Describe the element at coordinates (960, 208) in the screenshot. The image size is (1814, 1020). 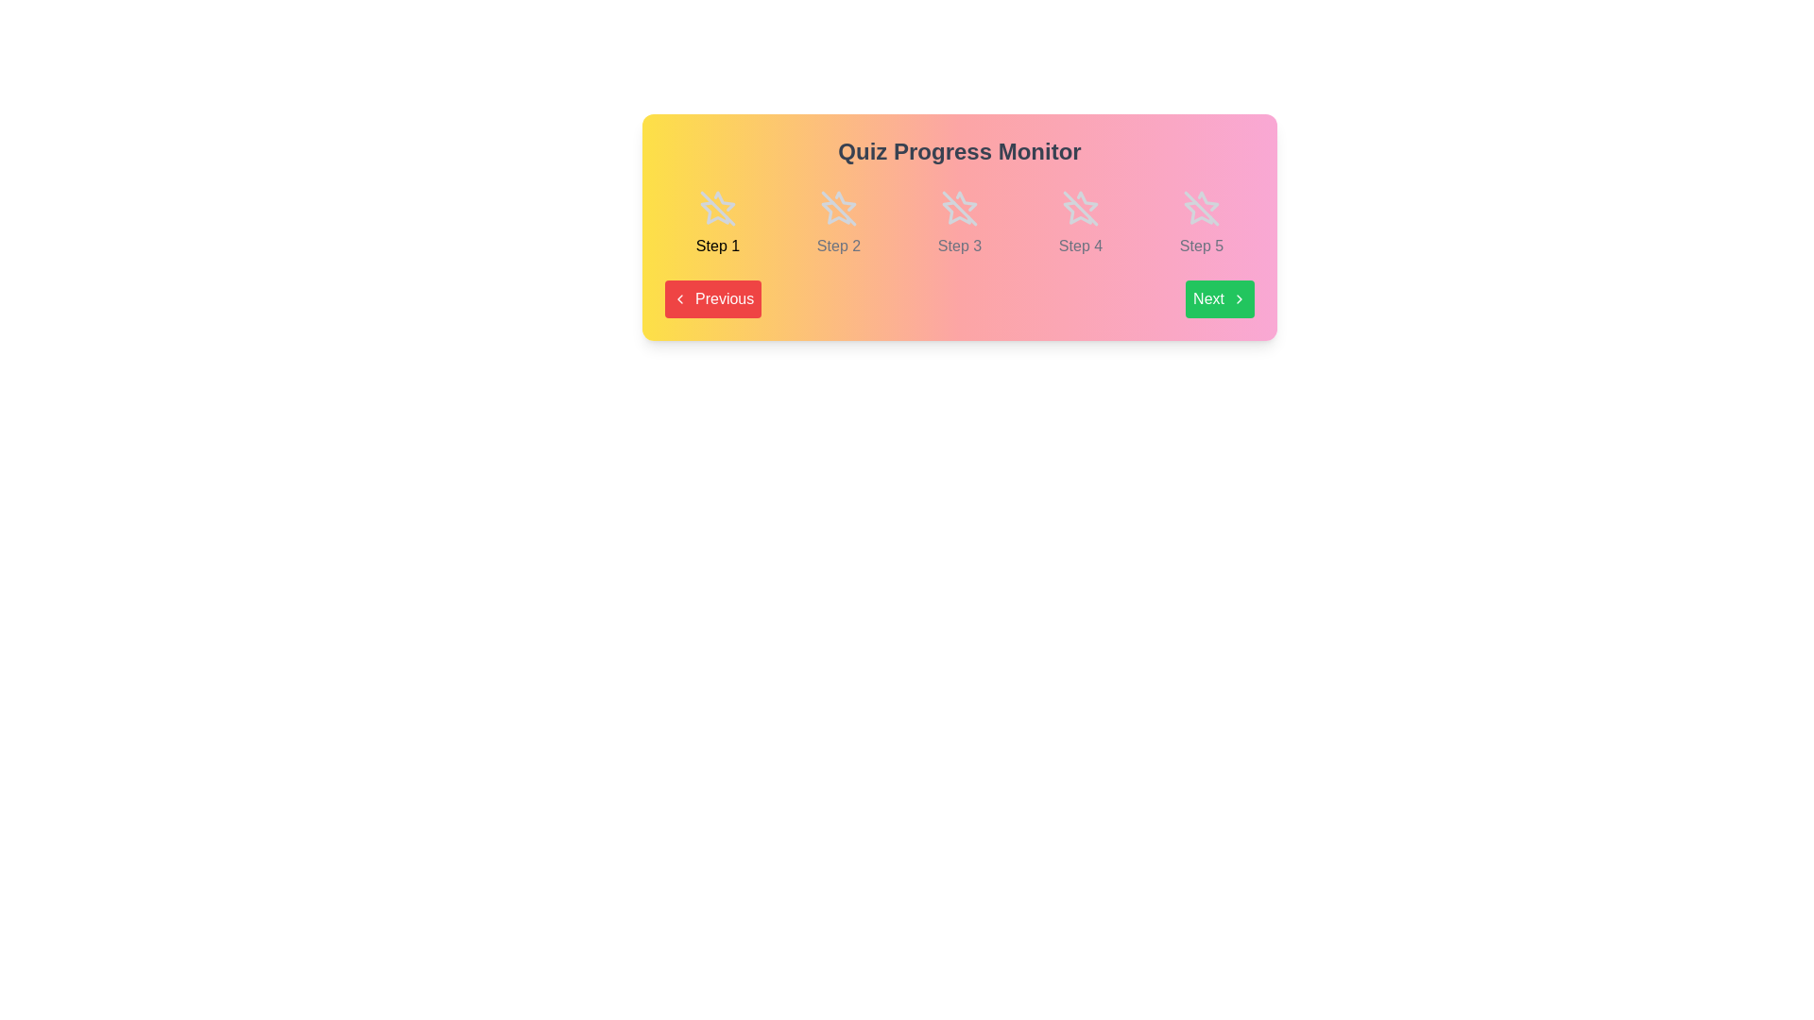
I see `the third icon in the horizontal sequence of five icons that indicates the current or inactive status of the third step in a progress monitor` at that location.